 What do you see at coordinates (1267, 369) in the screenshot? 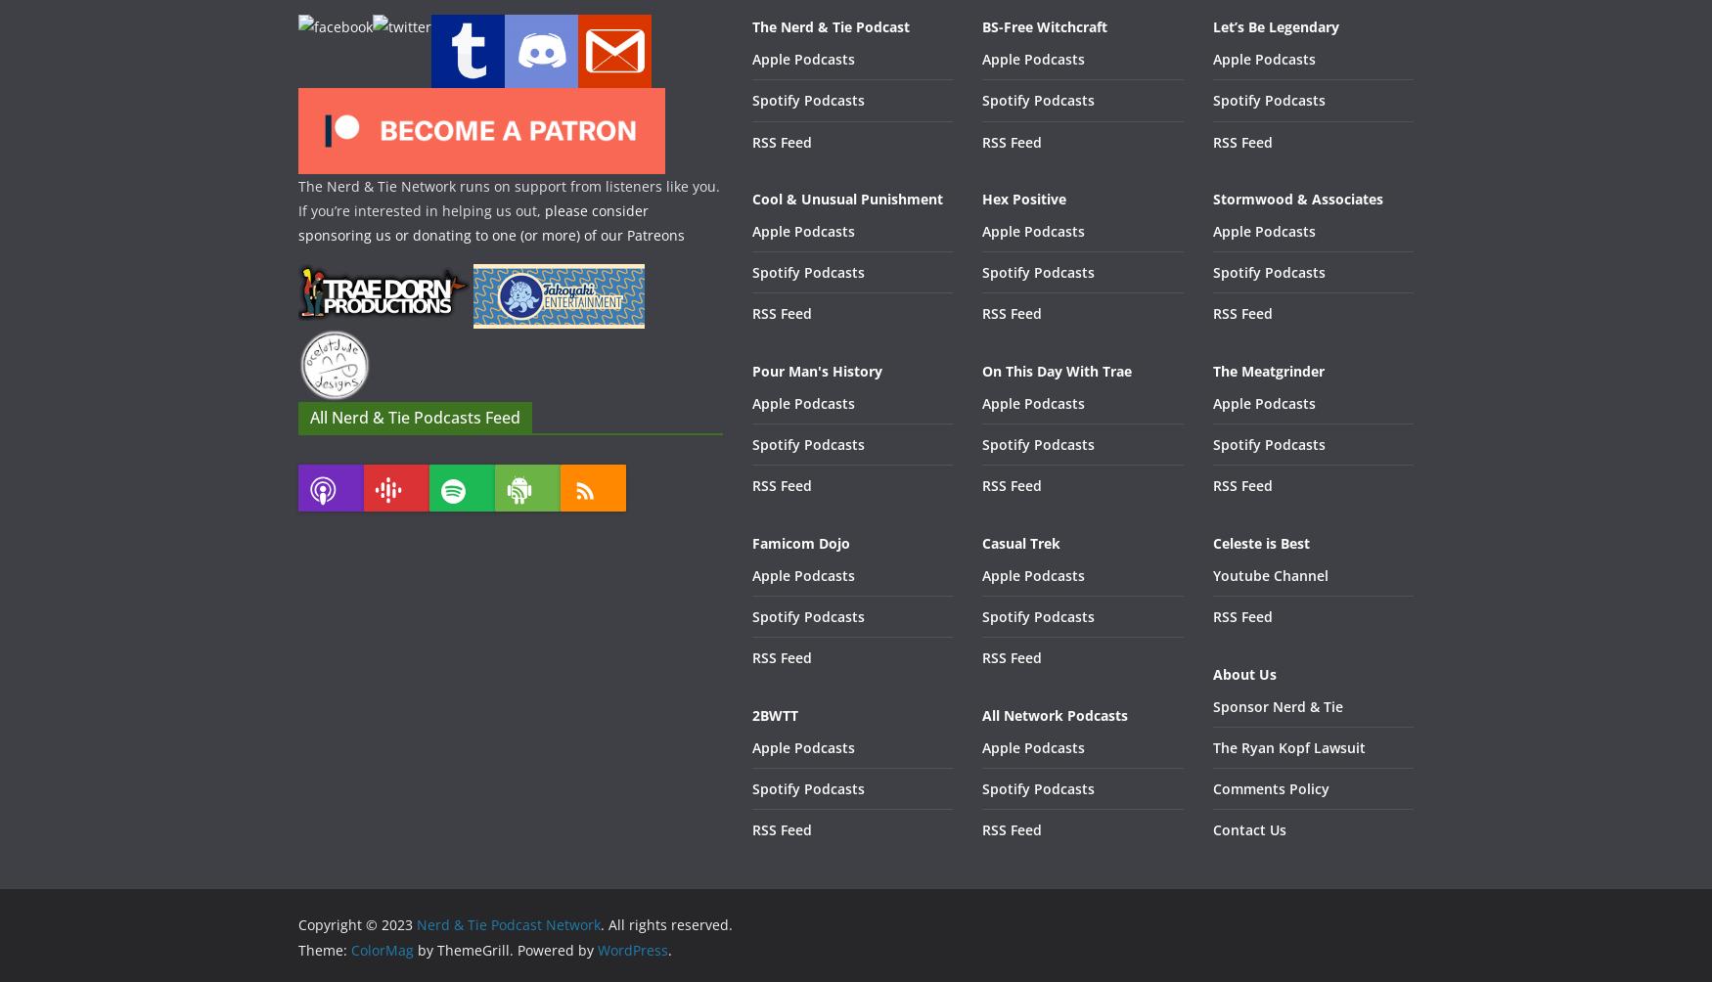
I see `'The Meatgrinder'` at bounding box center [1267, 369].